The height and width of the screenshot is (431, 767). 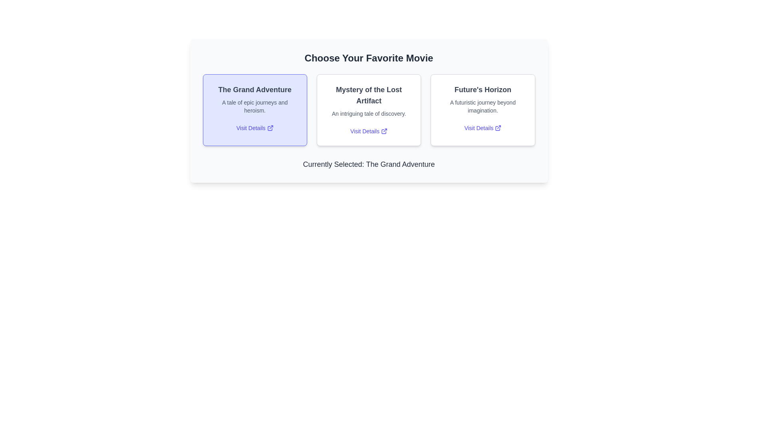 What do you see at coordinates (254, 127) in the screenshot?
I see `the 'Visit Details' hyperlink located at the bottom-right corner of the card titled 'The Grand Adventure'` at bounding box center [254, 127].